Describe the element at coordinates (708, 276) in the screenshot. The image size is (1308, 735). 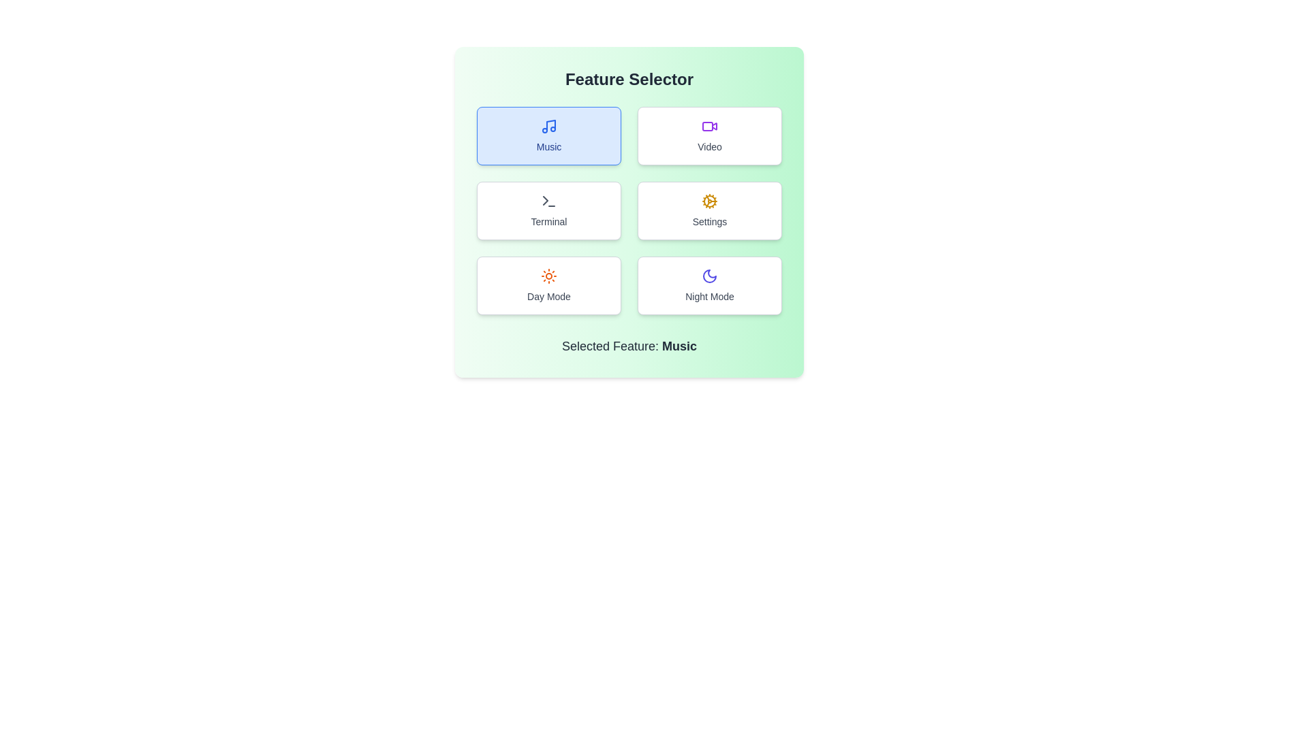
I see `the circular crescent moon icon outlined in indigo, which is part of the 'Night Mode' button` at that location.